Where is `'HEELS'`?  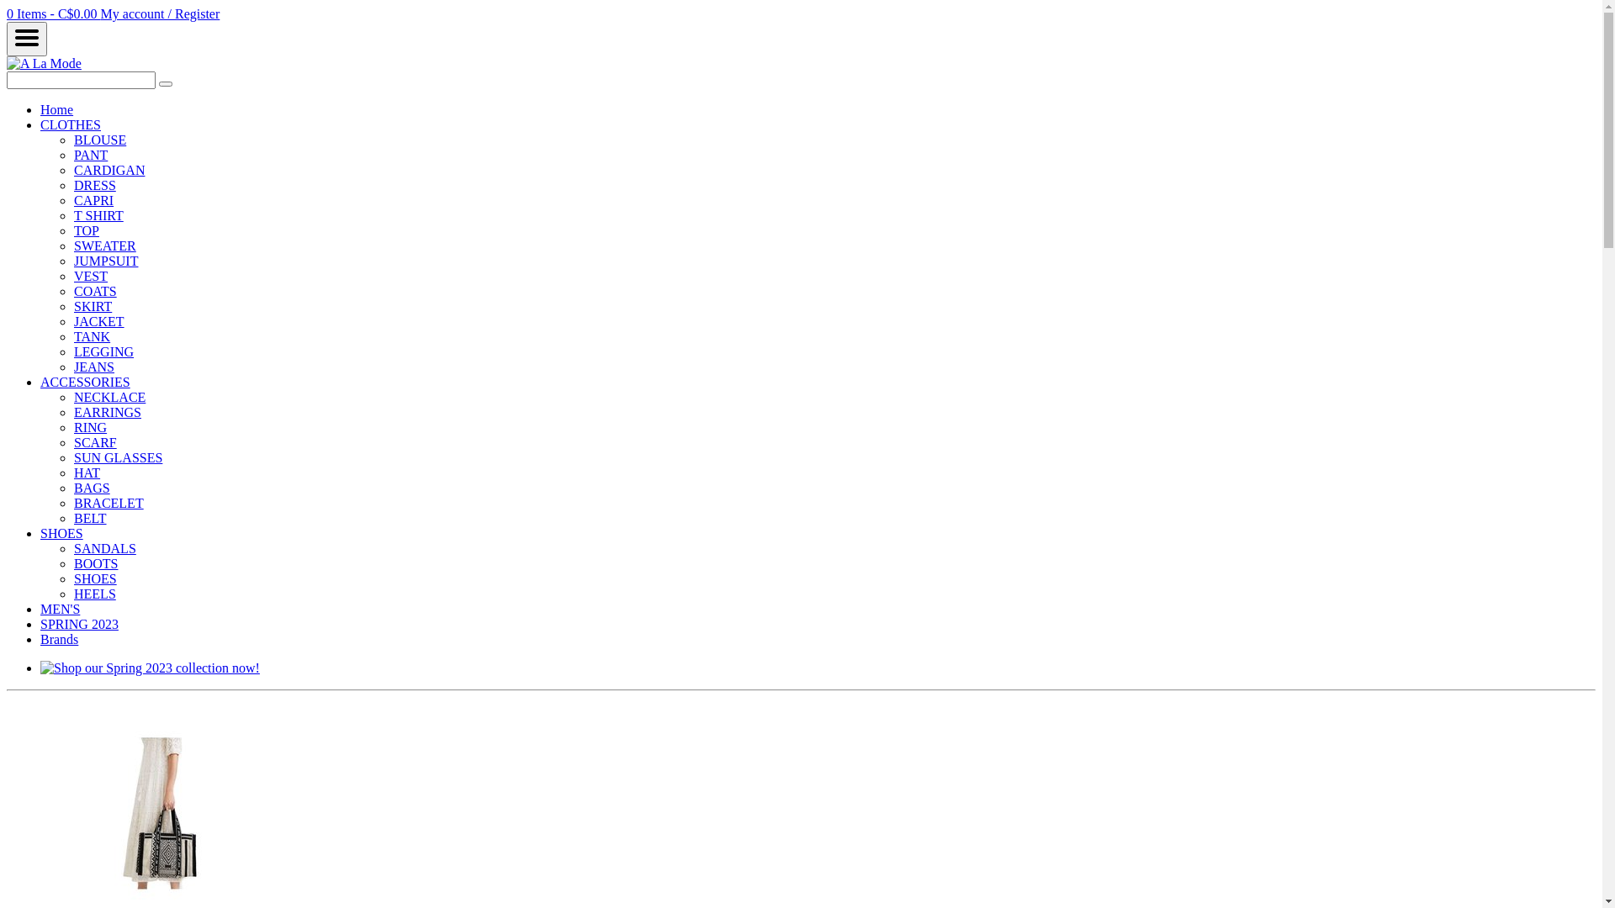 'HEELS' is located at coordinates (94, 593).